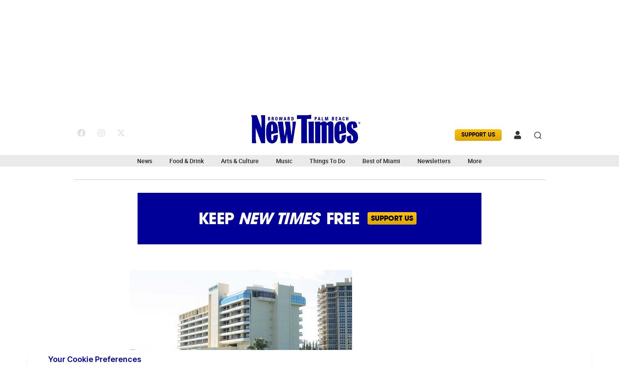  What do you see at coordinates (327, 161) in the screenshot?
I see `'Things To Do'` at bounding box center [327, 161].